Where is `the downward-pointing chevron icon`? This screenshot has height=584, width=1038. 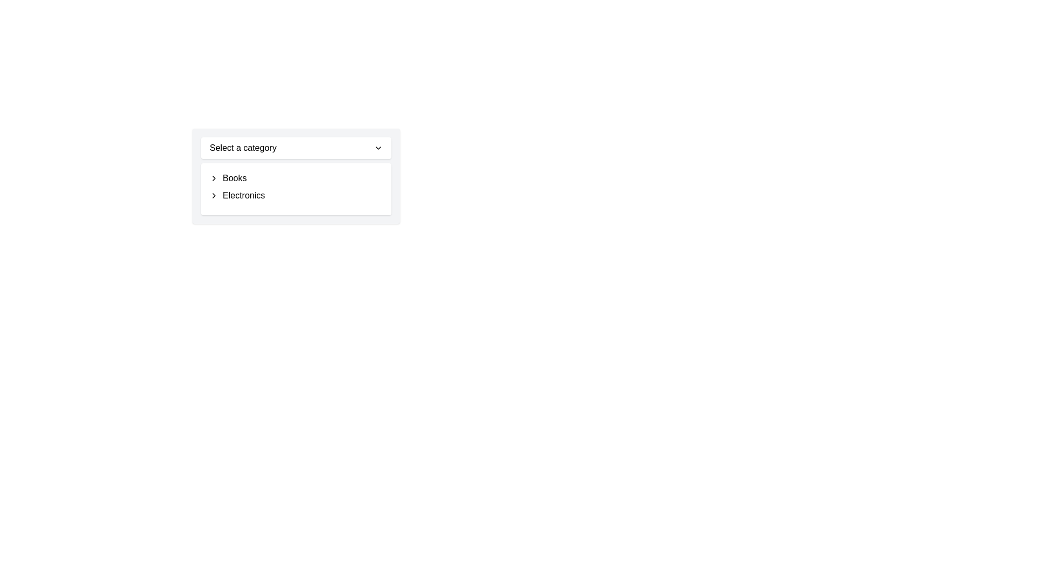
the downward-pointing chevron icon is located at coordinates (378, 148).